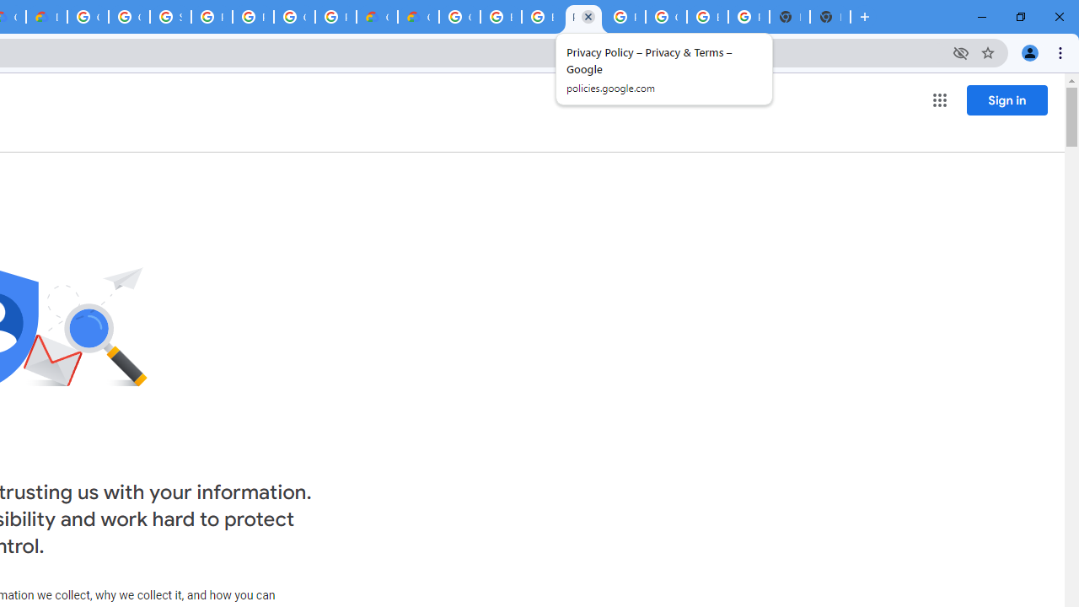  I want to click on 'New Tab', so click(829, 17).